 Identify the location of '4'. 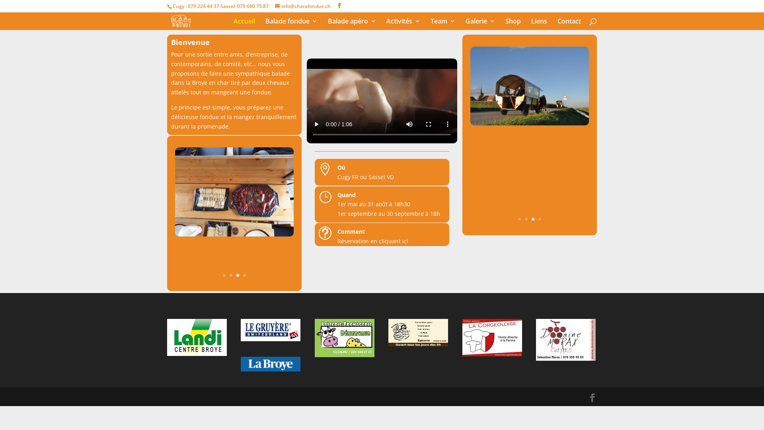
(244, 275).